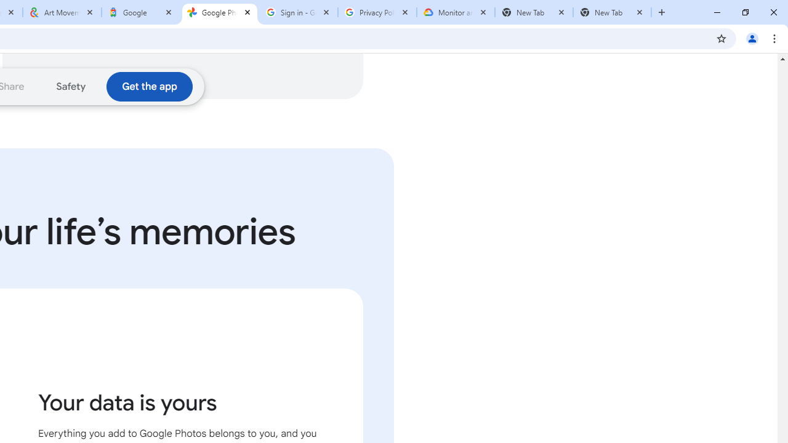 Image resolution: width=788 pixels, height=443 pixels. What do you see at coordinates (141, 12) in the screenshot?
I see `'Google'` at bounding box center [141, 12].